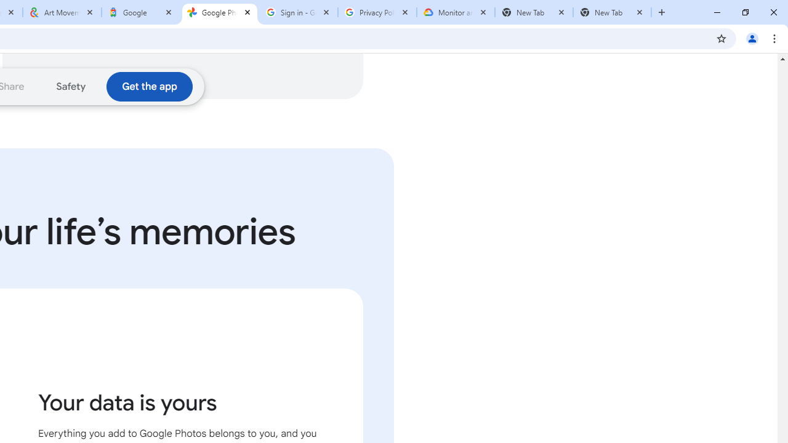 Image resolution: width=788 pixels, height=443 pixels. What do you see at coordinates (141, 12) in the screenshot?
I see `'Google'` at bounding box center [141, 12].